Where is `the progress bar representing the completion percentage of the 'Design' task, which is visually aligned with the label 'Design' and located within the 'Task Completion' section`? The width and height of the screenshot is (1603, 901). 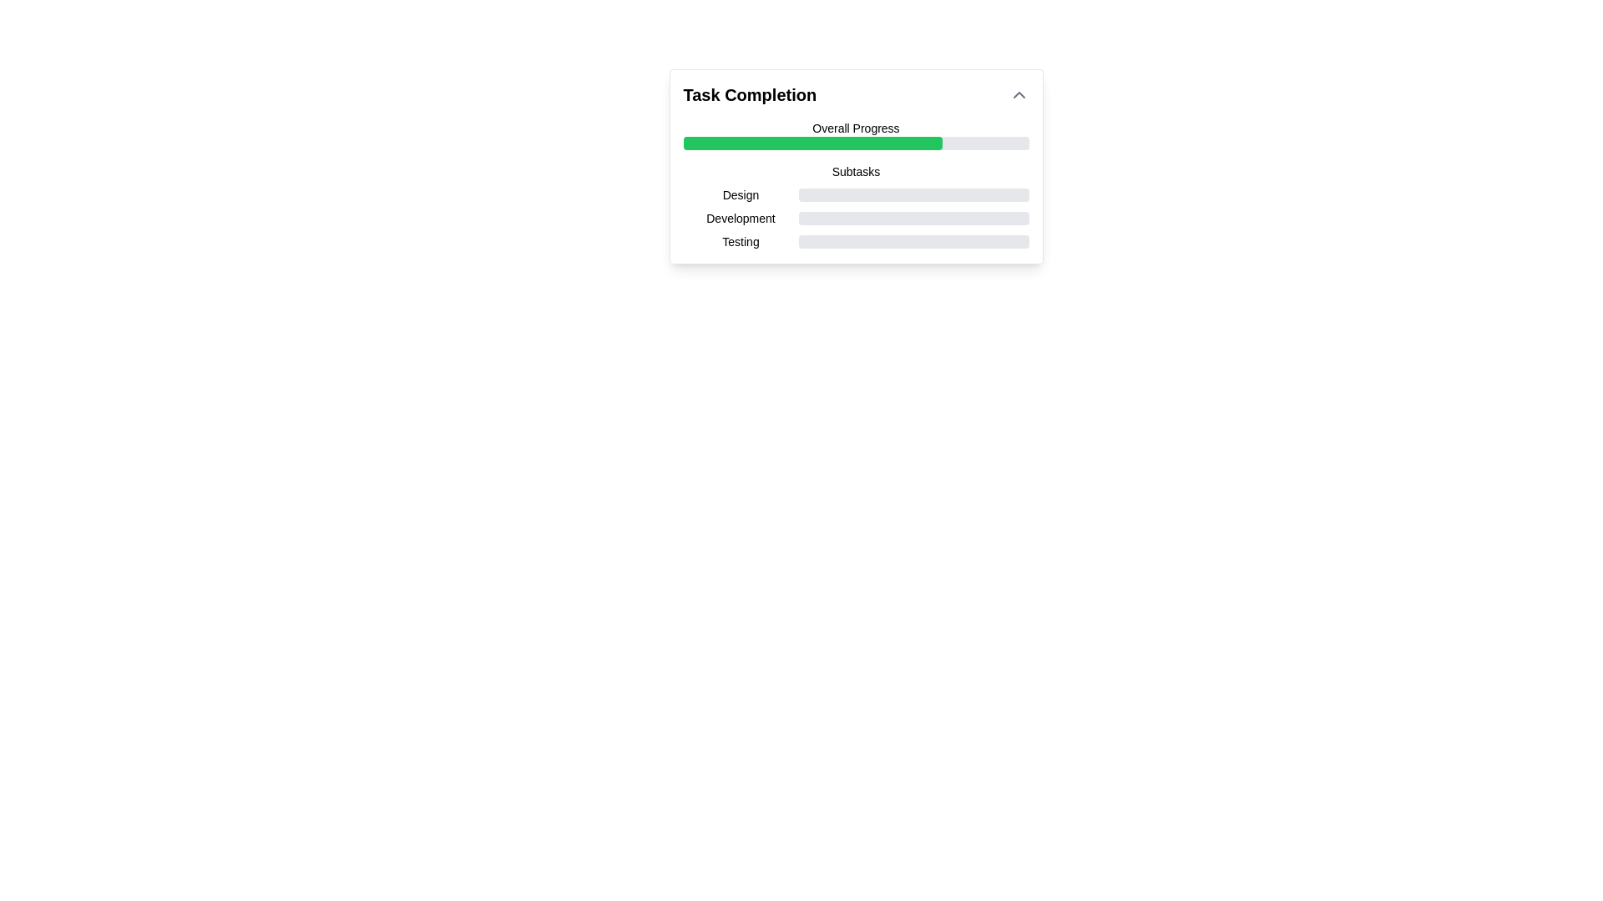
the progress bar representing the completion percentage of the 'Design' task, which is visually aligned with the label 'Design' and located within the 'Task Completion' section is located at coordinates (913, 194).